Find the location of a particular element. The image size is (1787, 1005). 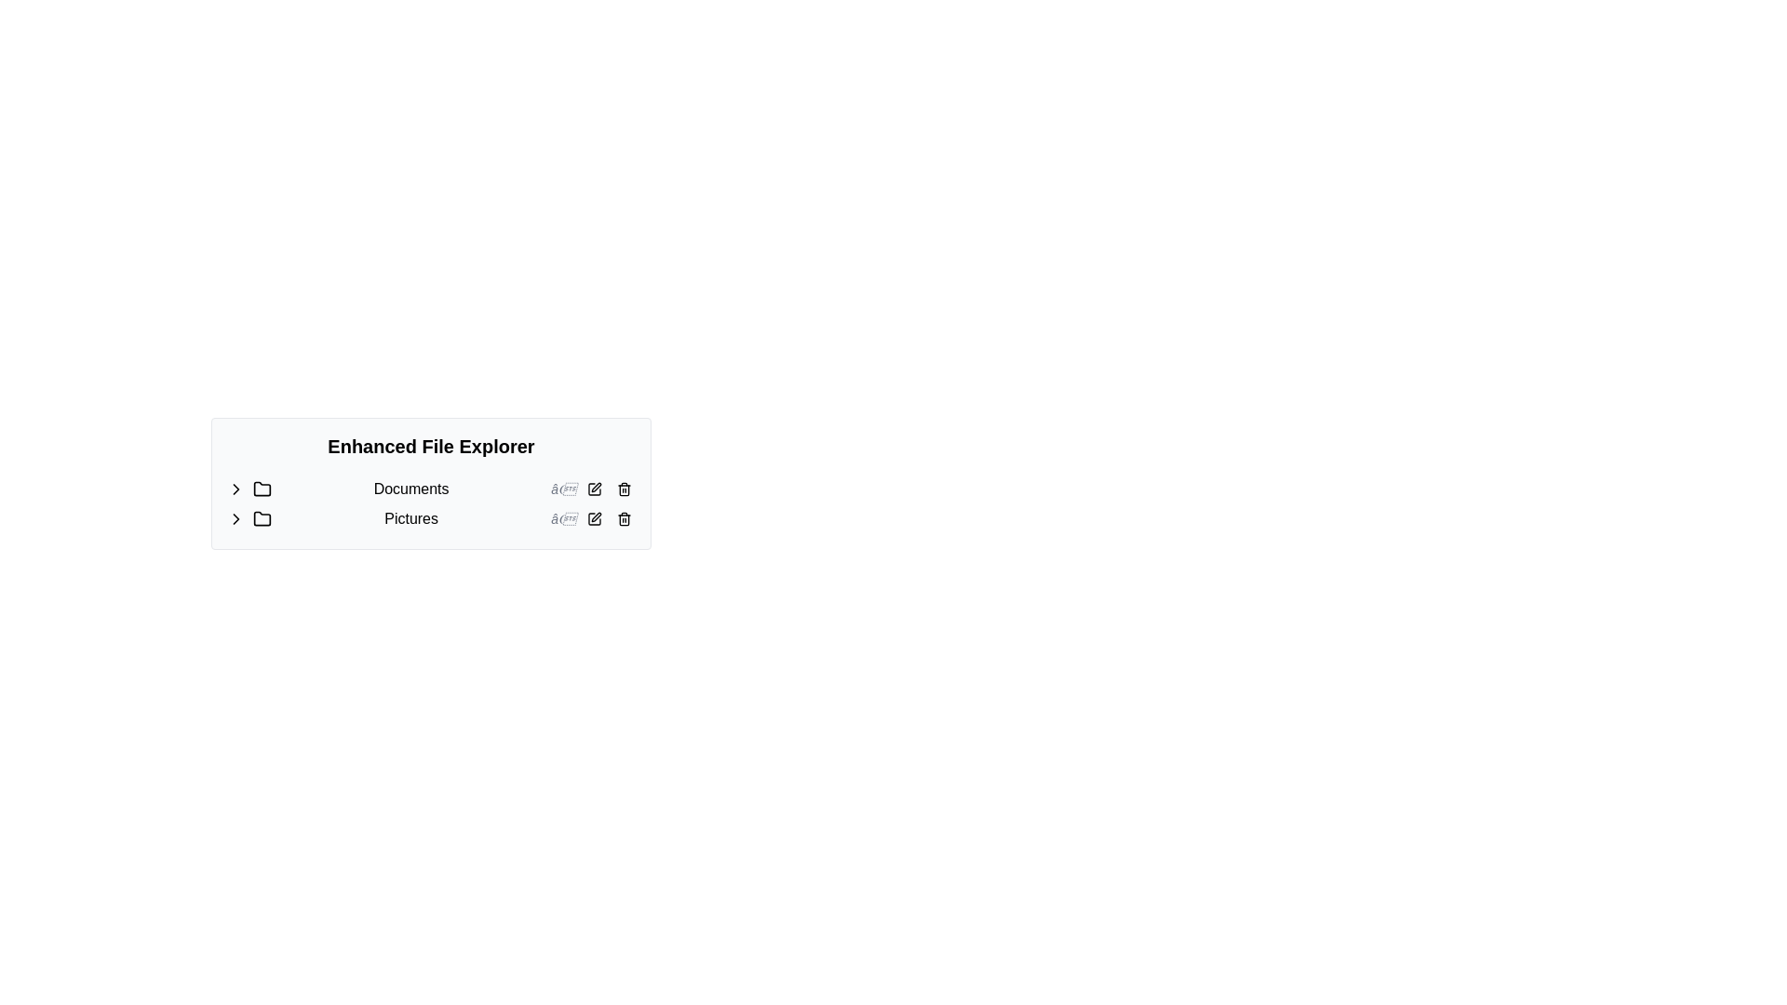

the delete button for the 'Pictures' directory, which is located at the far right side of its row in the file explorer interface is located at coordinates (625, 519).